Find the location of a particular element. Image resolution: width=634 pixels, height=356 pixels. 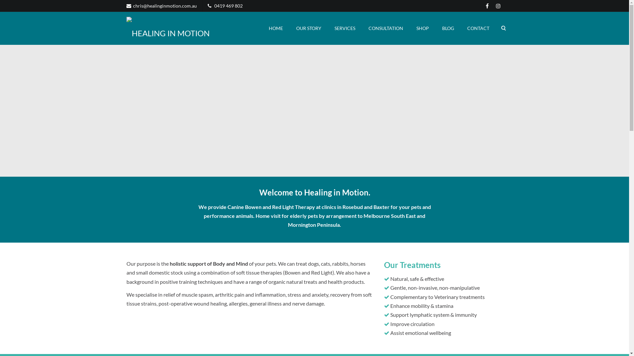

'SERVICES' is located at coordinates (344, 28).